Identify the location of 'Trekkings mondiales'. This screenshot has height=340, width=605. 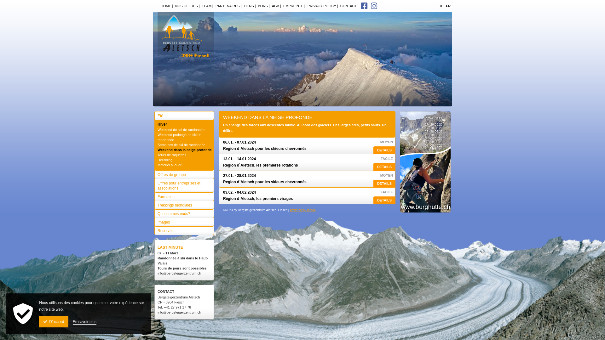
(154, 204).